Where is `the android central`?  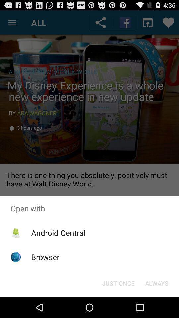
the android central is located at coordinates (58, 233).